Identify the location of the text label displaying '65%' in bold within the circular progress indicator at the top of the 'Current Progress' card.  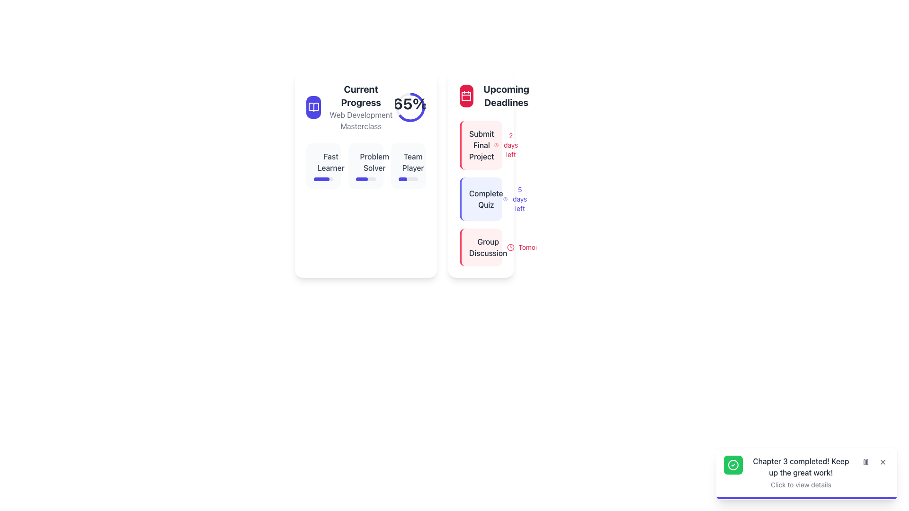
(410, 104).